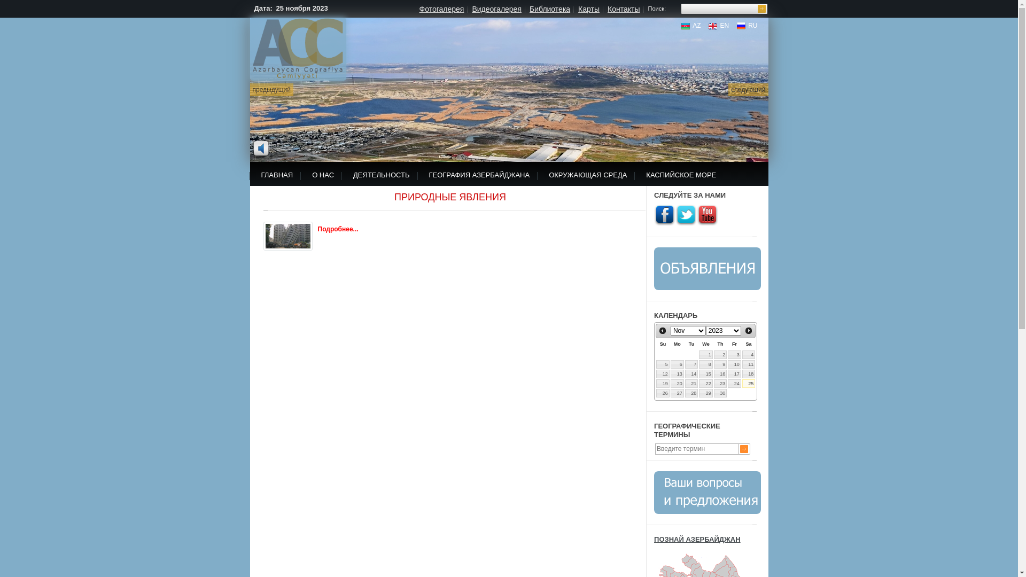 Image resolution: width=1026 pixels, height=577 pixels. What do you see at coordinates (677, 393) in the screenshot?
I see `'27'` at bounding box center [677, 393].